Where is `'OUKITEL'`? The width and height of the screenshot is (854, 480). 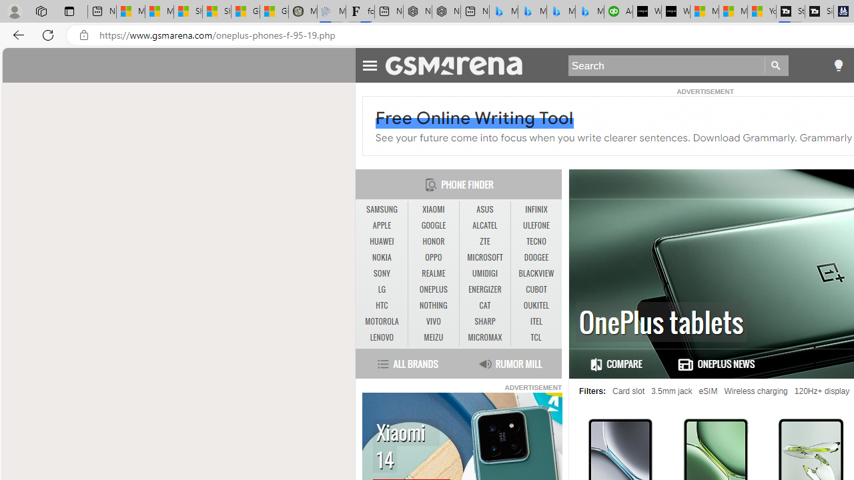
'OUKITEL' is located at coordinates (536, 305).